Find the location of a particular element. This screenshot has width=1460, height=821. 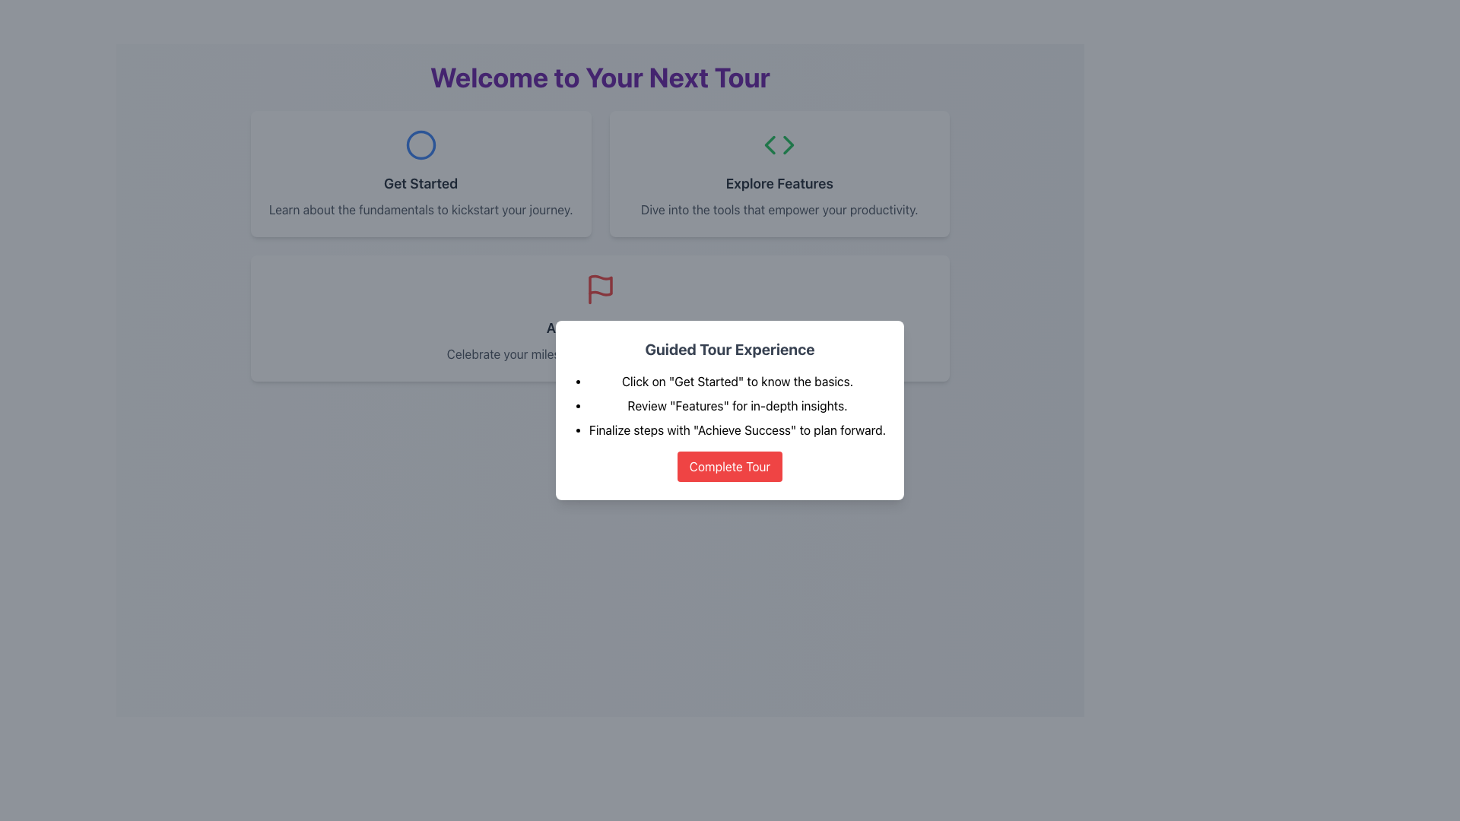

the 'Complete Tour' button, which has rounded edges and a red background, located at the bottom of the modal containing 'Guided Tour Experience' instructions is located at coordinates (730, 465).